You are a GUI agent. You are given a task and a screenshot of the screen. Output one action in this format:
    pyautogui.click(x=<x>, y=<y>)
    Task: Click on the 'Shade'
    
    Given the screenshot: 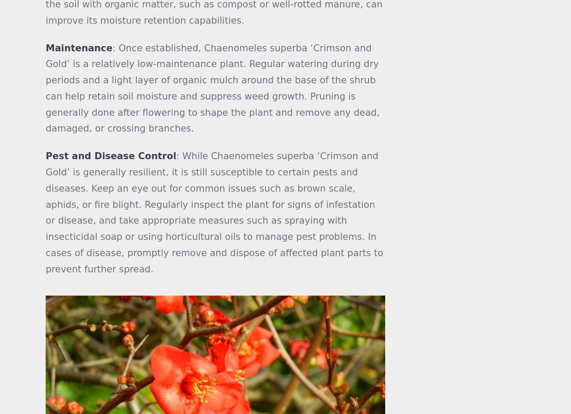 What is the action you would take?
    pyautogui.click(x=401, y=21)
    